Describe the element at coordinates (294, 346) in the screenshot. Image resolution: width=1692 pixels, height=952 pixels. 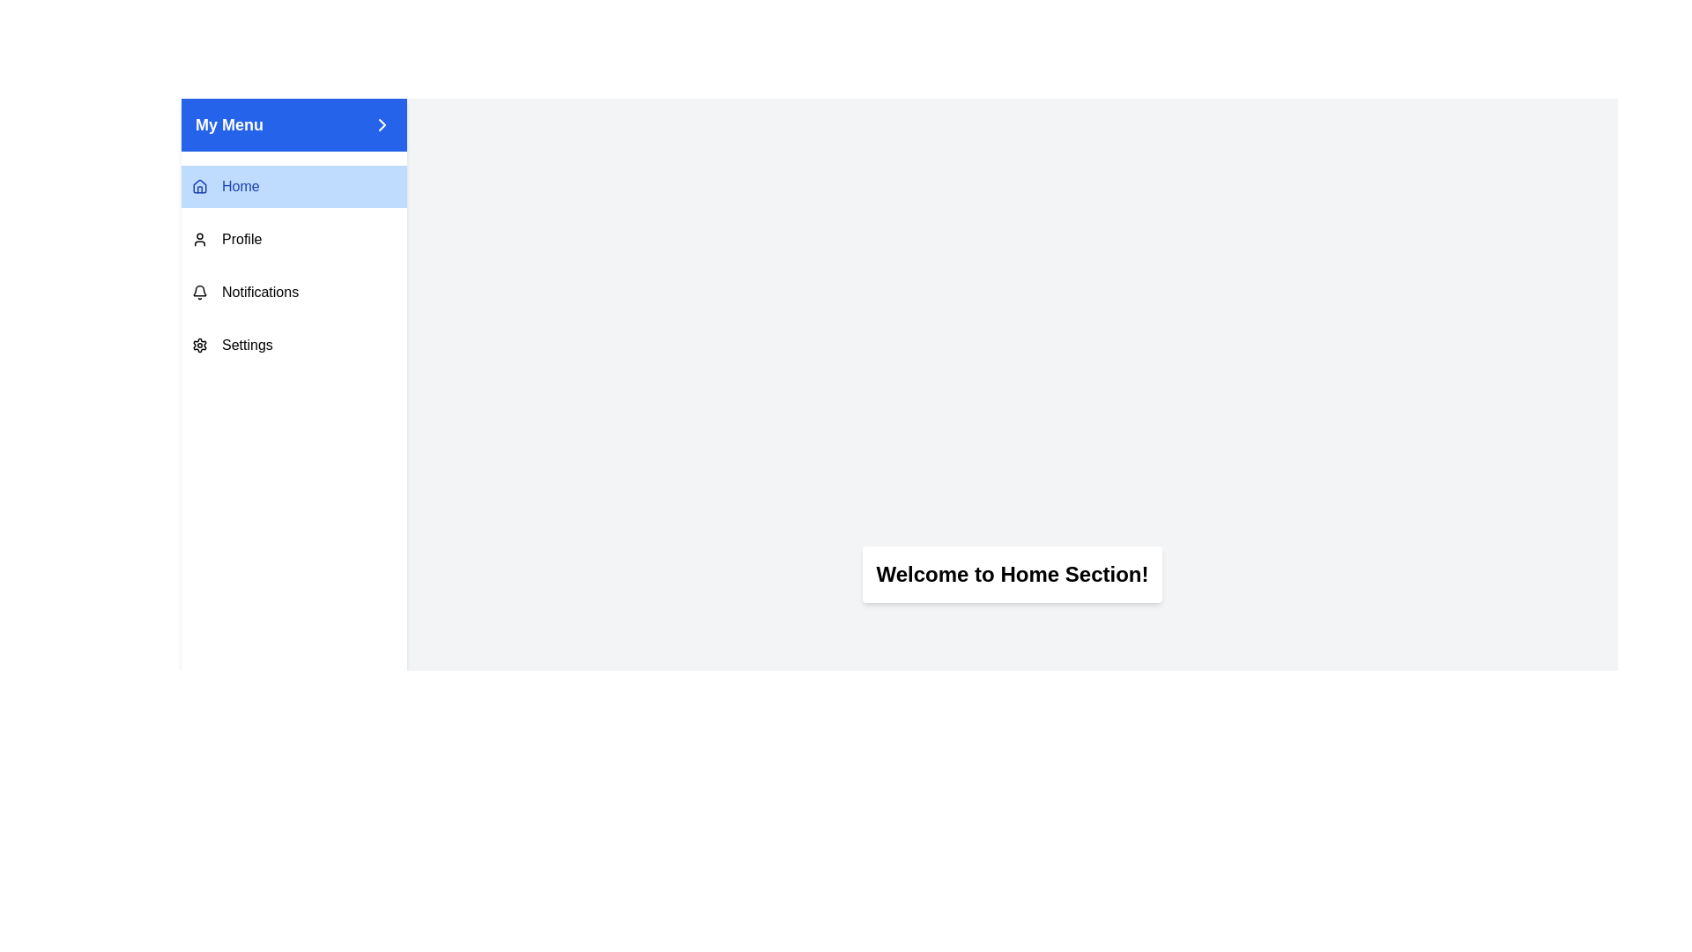
I see `the 'Settings' button located at the bottom of the vertical navigation menu` at that location.